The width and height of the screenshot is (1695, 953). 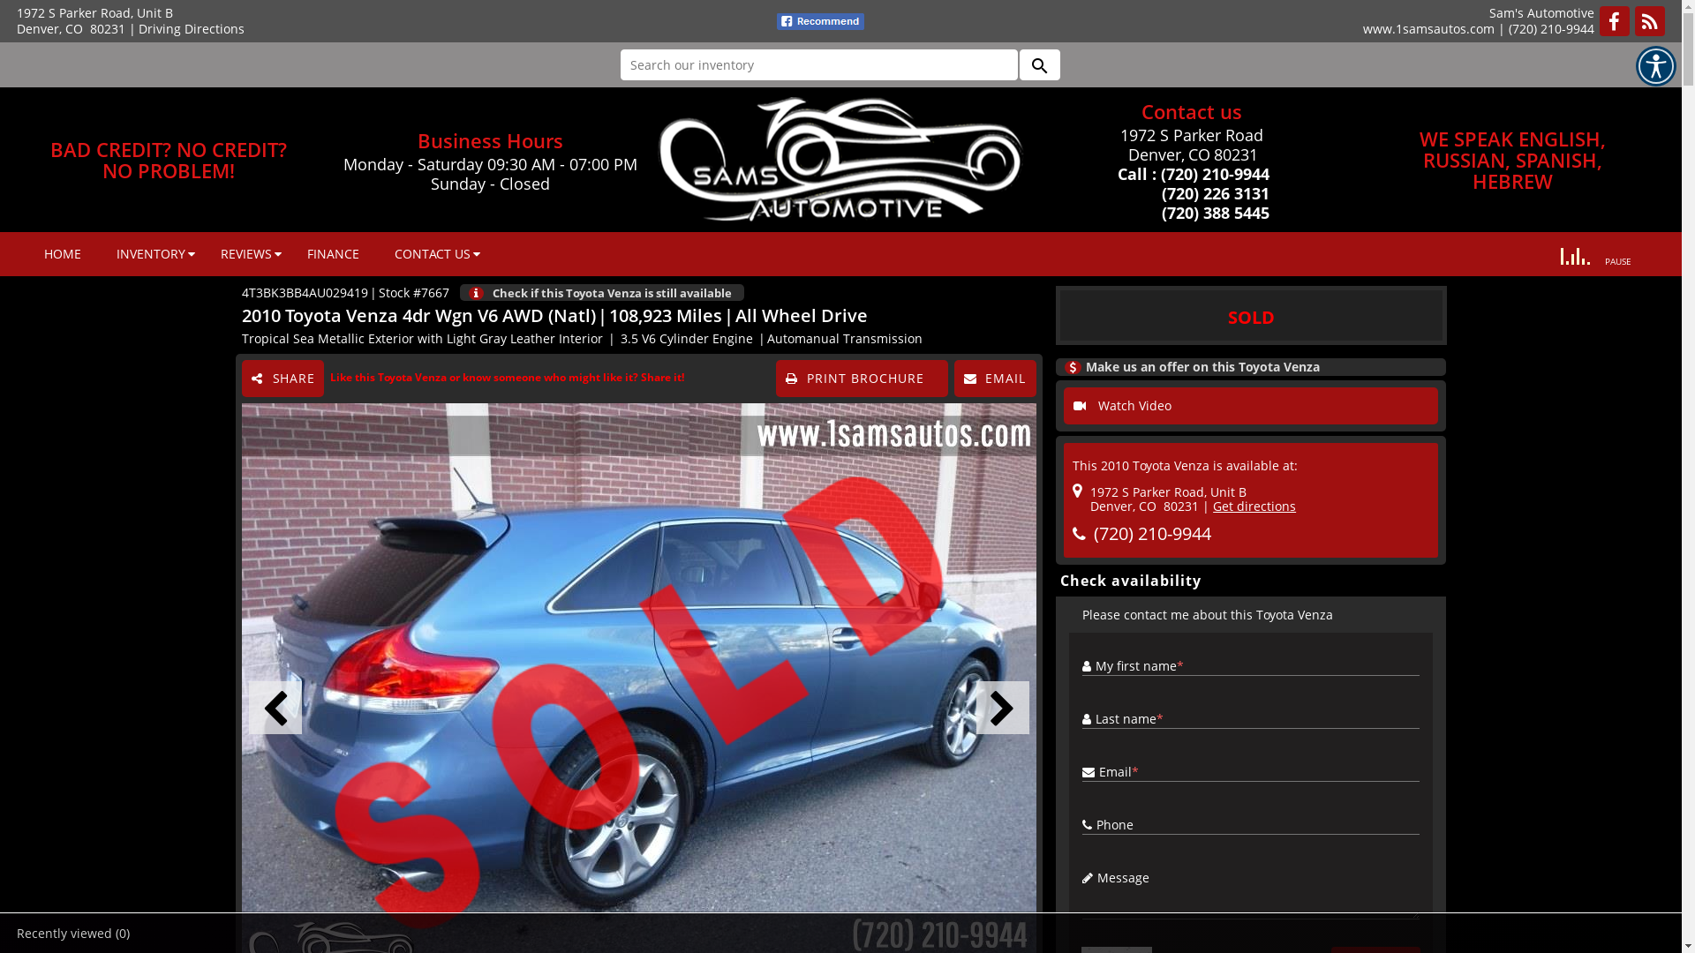 What do you see at coordinates (817, 64) in the screenshot?
I see `'Search our inventory'` at bounding box center [817, 64].